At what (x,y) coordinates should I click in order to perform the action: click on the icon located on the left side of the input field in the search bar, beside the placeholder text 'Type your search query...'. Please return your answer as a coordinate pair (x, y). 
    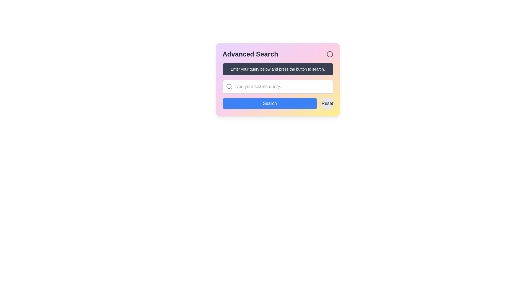
    Looking at the image, I should click on (229, 86).